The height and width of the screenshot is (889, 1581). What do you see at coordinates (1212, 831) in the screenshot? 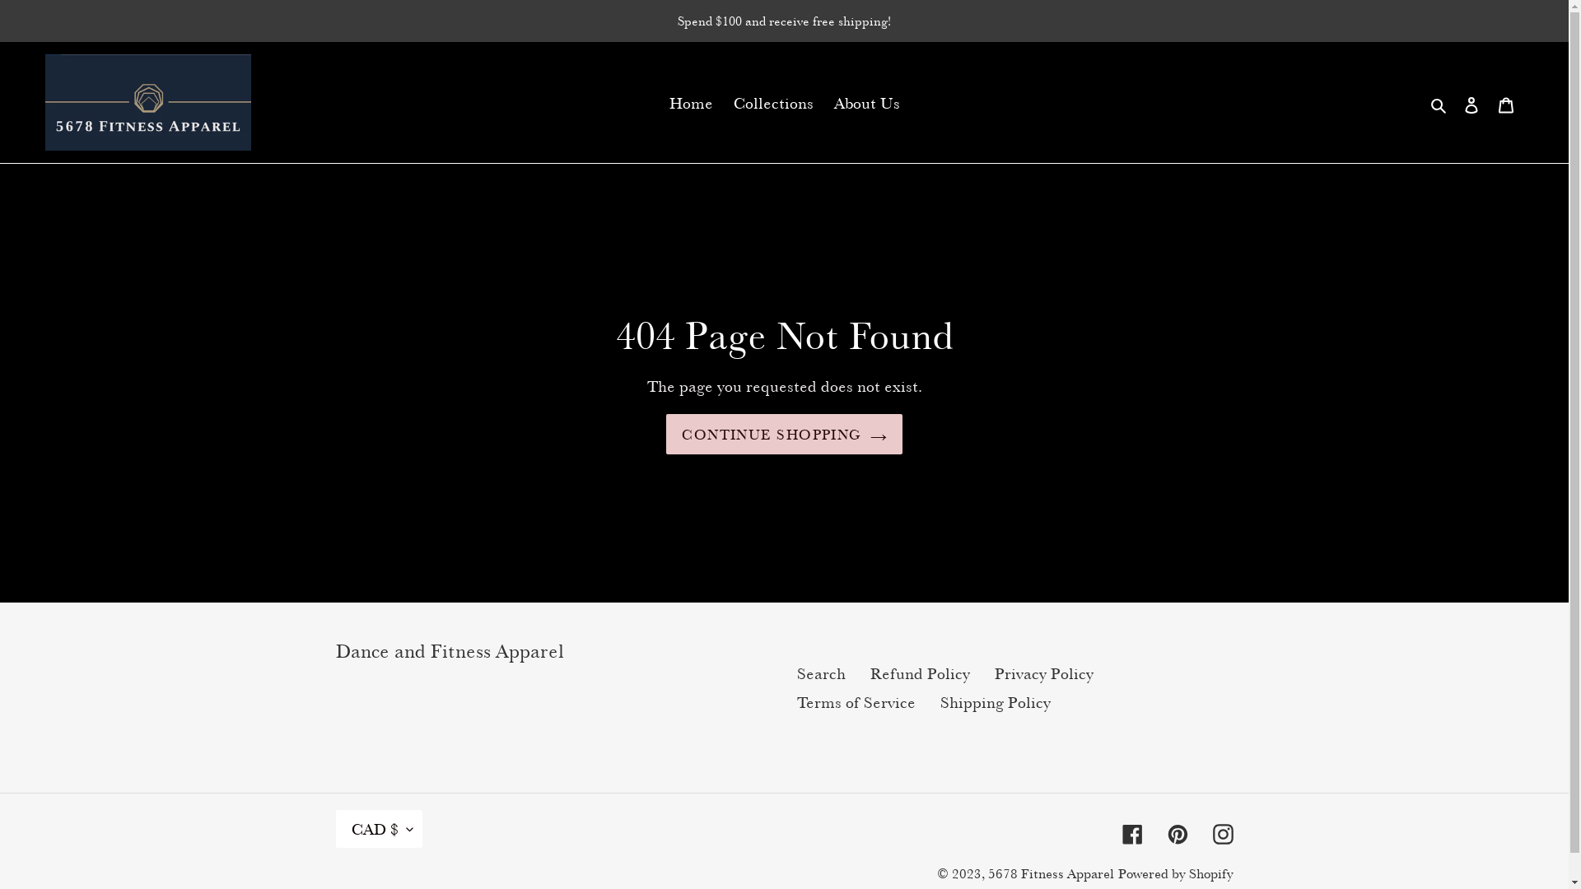
I see `'Instagram'` at bounding box center [1212, 831].